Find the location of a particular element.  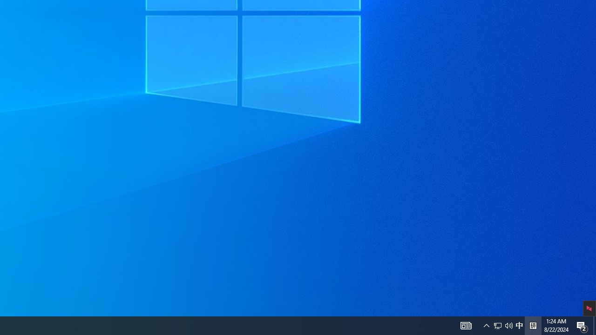

'User Promoted Notification Area' is located at coordinates (486, 325).